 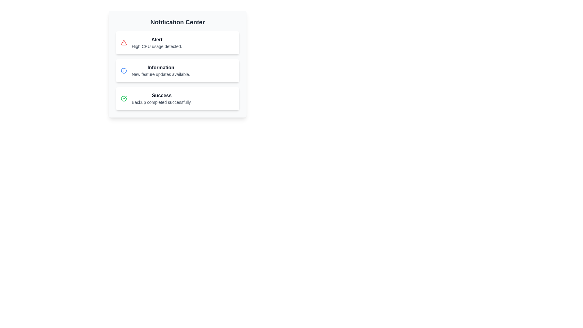 What do you see at coordinates (177, 43) in the screenshot?
I see `notification message from the high CPU usage notification card, which is the first card in the vertically stacked list of notifications` at bounding box center [177, 43].